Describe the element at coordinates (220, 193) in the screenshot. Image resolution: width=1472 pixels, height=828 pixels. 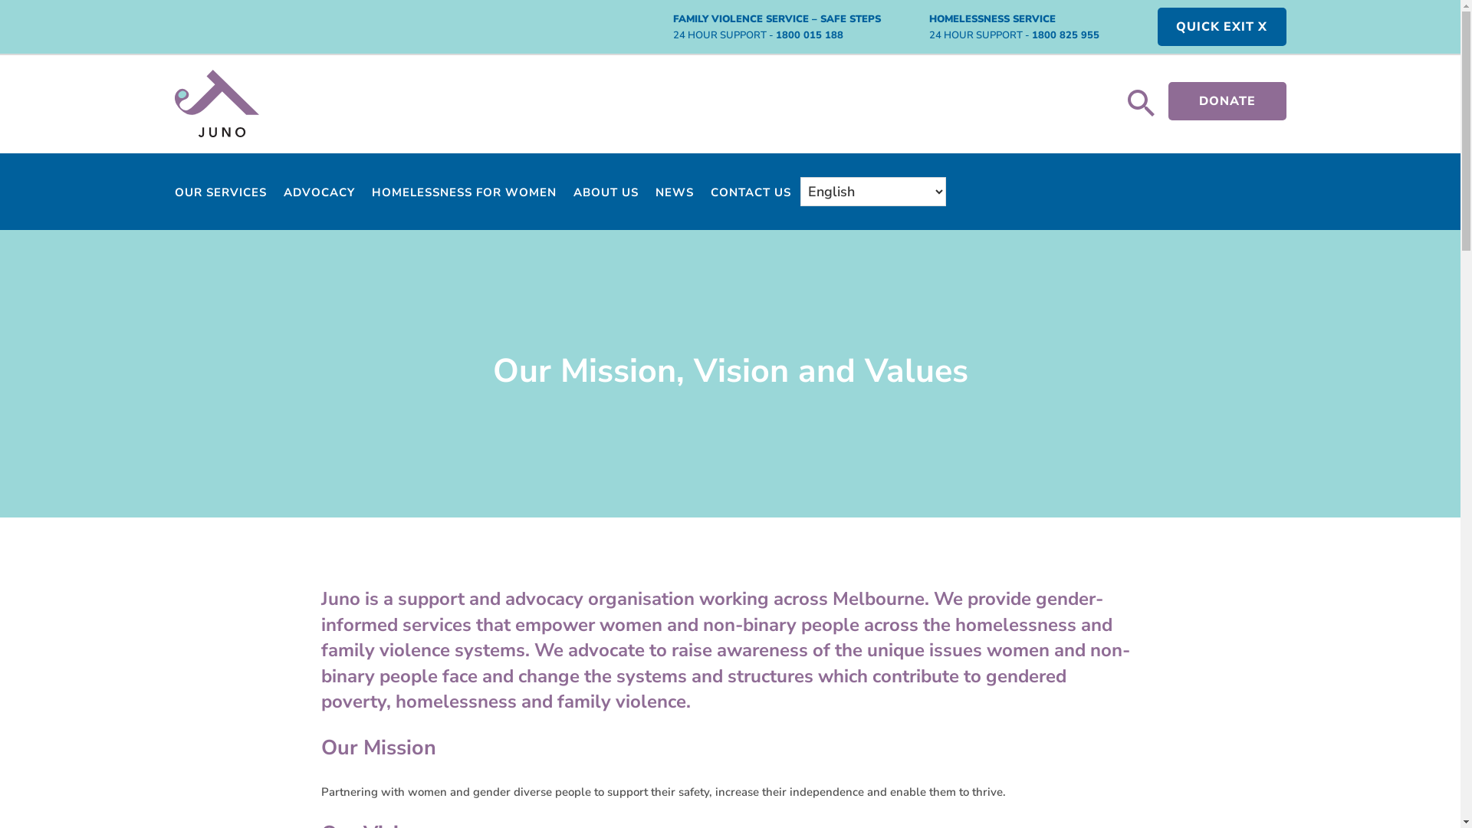
I see `'OUR SERVICES'` at that location.